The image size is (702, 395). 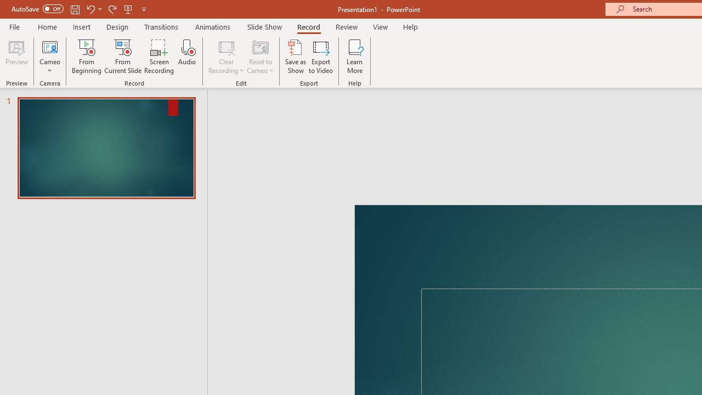 What do you see at coordinates (320, 57) in the screenshot?
I see `'Export to Video'` at bounding box center [320, 57].